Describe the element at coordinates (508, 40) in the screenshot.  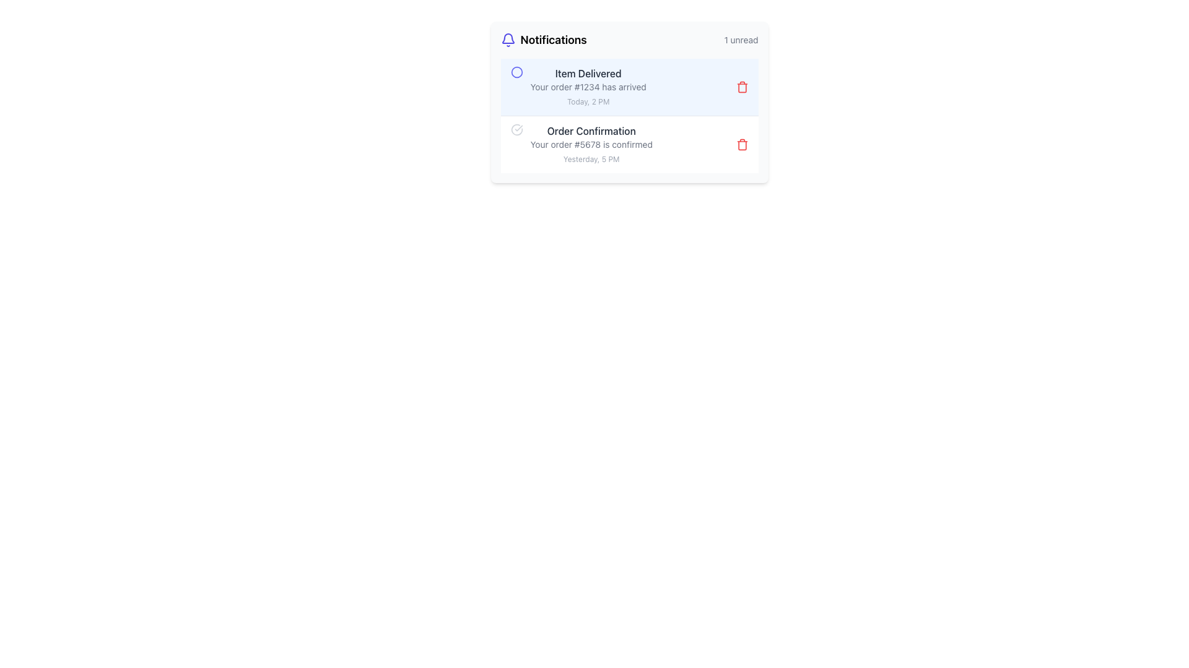
I see `the bell icon for notifications, located at the leftmost part of the 'Notifications' title bar, before the text 'Notifications'` at that location.